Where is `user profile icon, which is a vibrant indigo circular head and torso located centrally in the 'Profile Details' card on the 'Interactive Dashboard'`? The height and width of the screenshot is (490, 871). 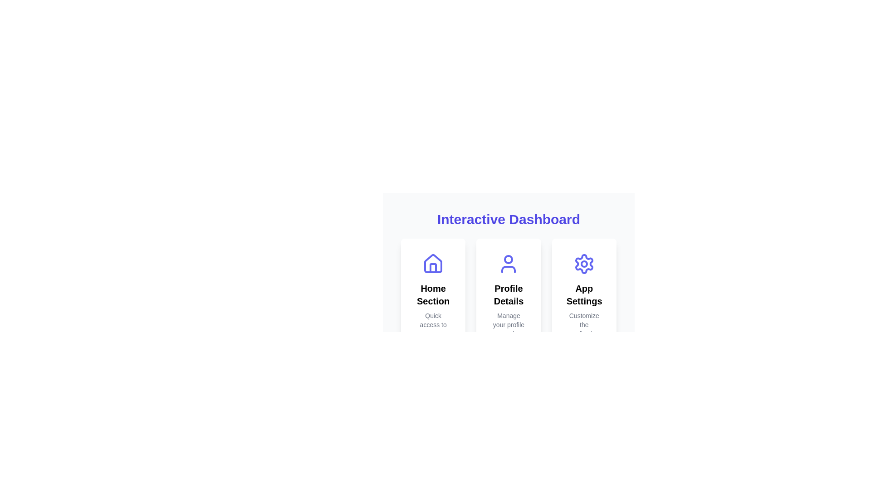 user profile icon, which is a vibrant indigo circular head and torso located centrally in the 'Profile Details' card on the 'Interactive Dashboard' is located at coordinates (509, 264).